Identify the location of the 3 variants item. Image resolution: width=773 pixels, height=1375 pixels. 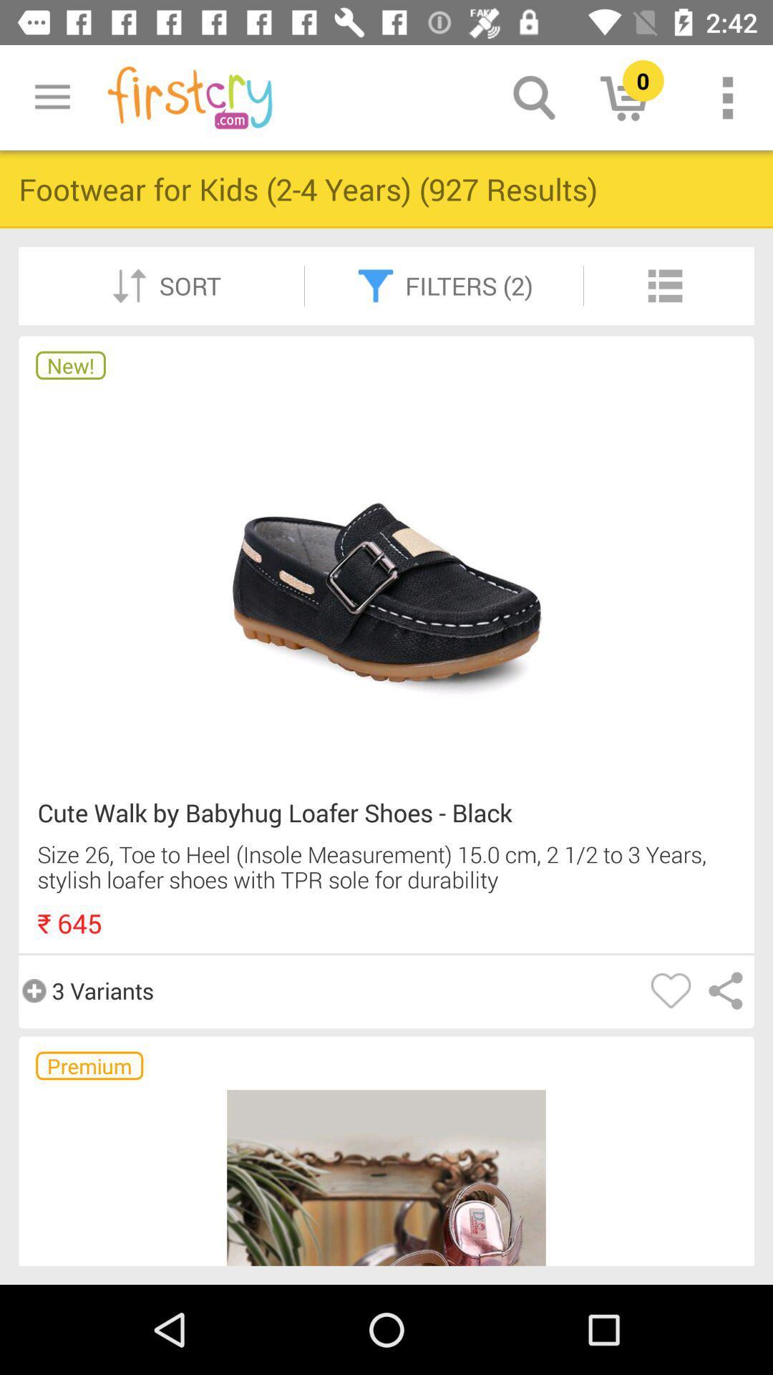
(86, 990).